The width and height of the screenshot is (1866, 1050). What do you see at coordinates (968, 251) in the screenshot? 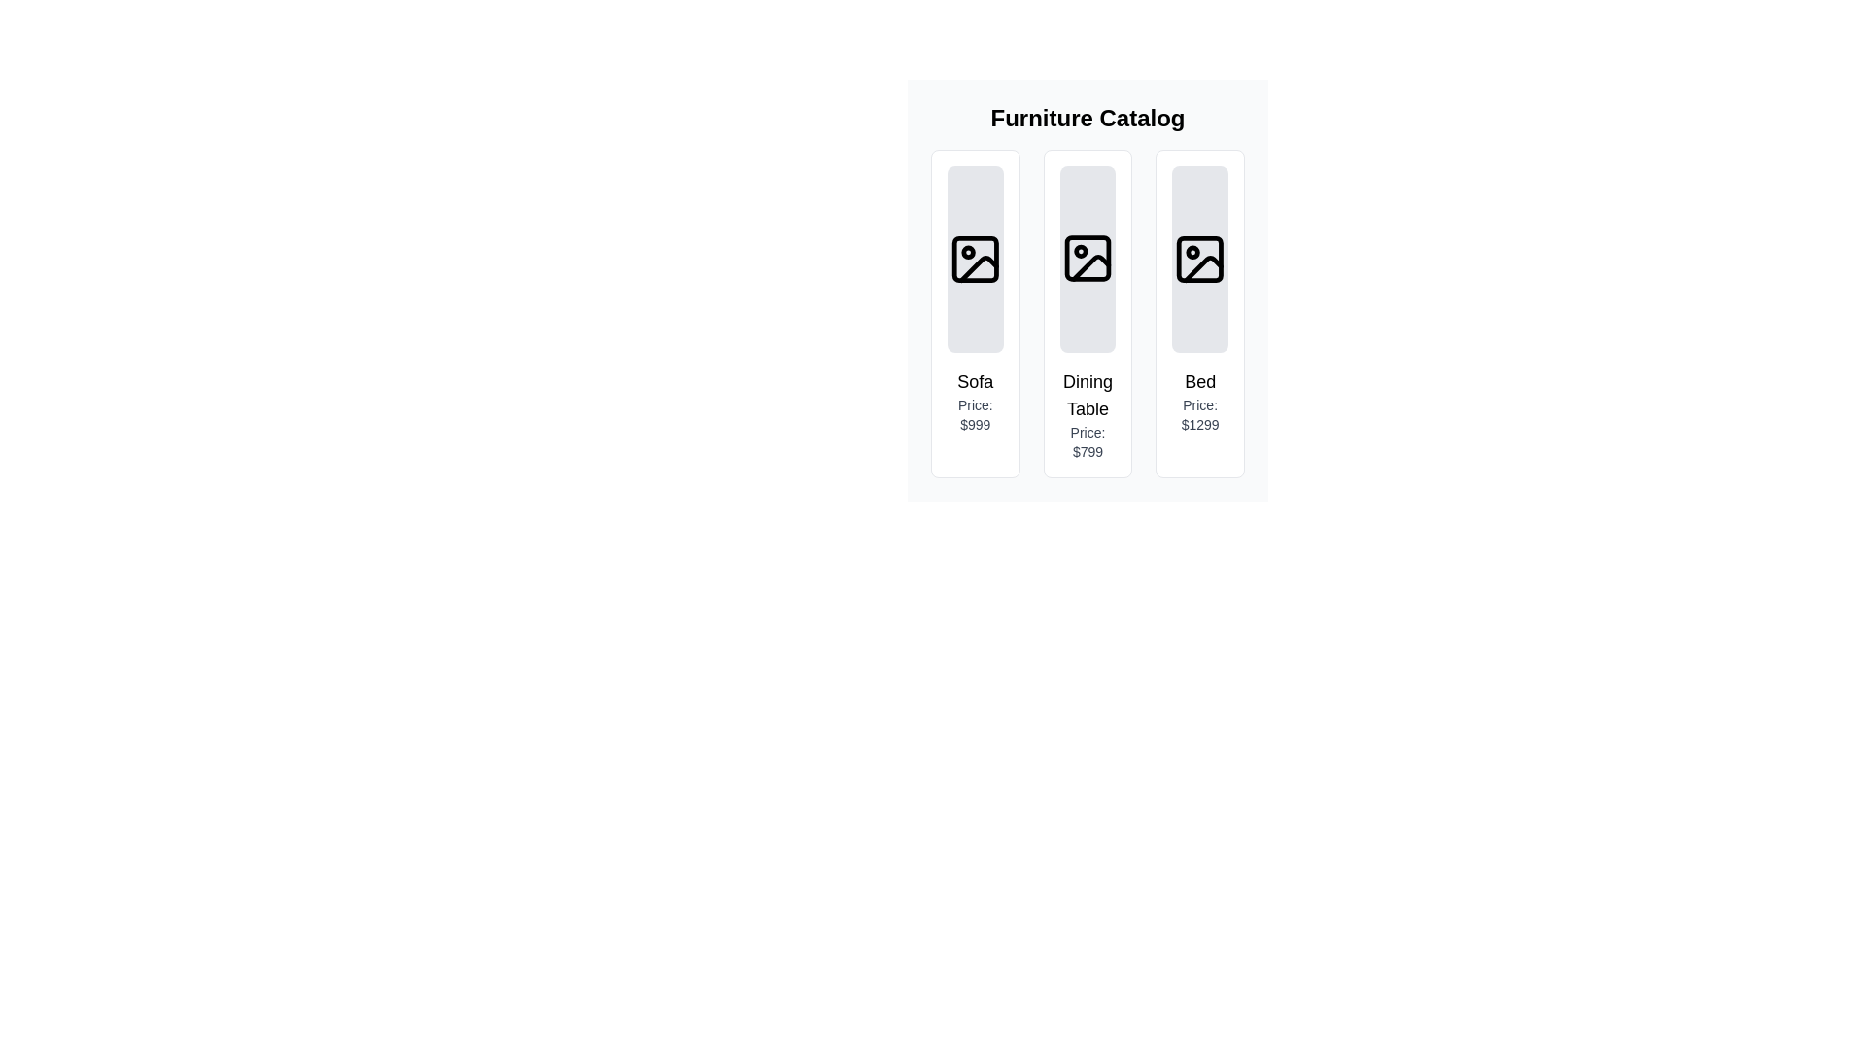
I see `the decorative SVG circle element located in the first column of the product catalog grid at the top-left section of the SVG image placeholder` at bounding box center [968, 251].